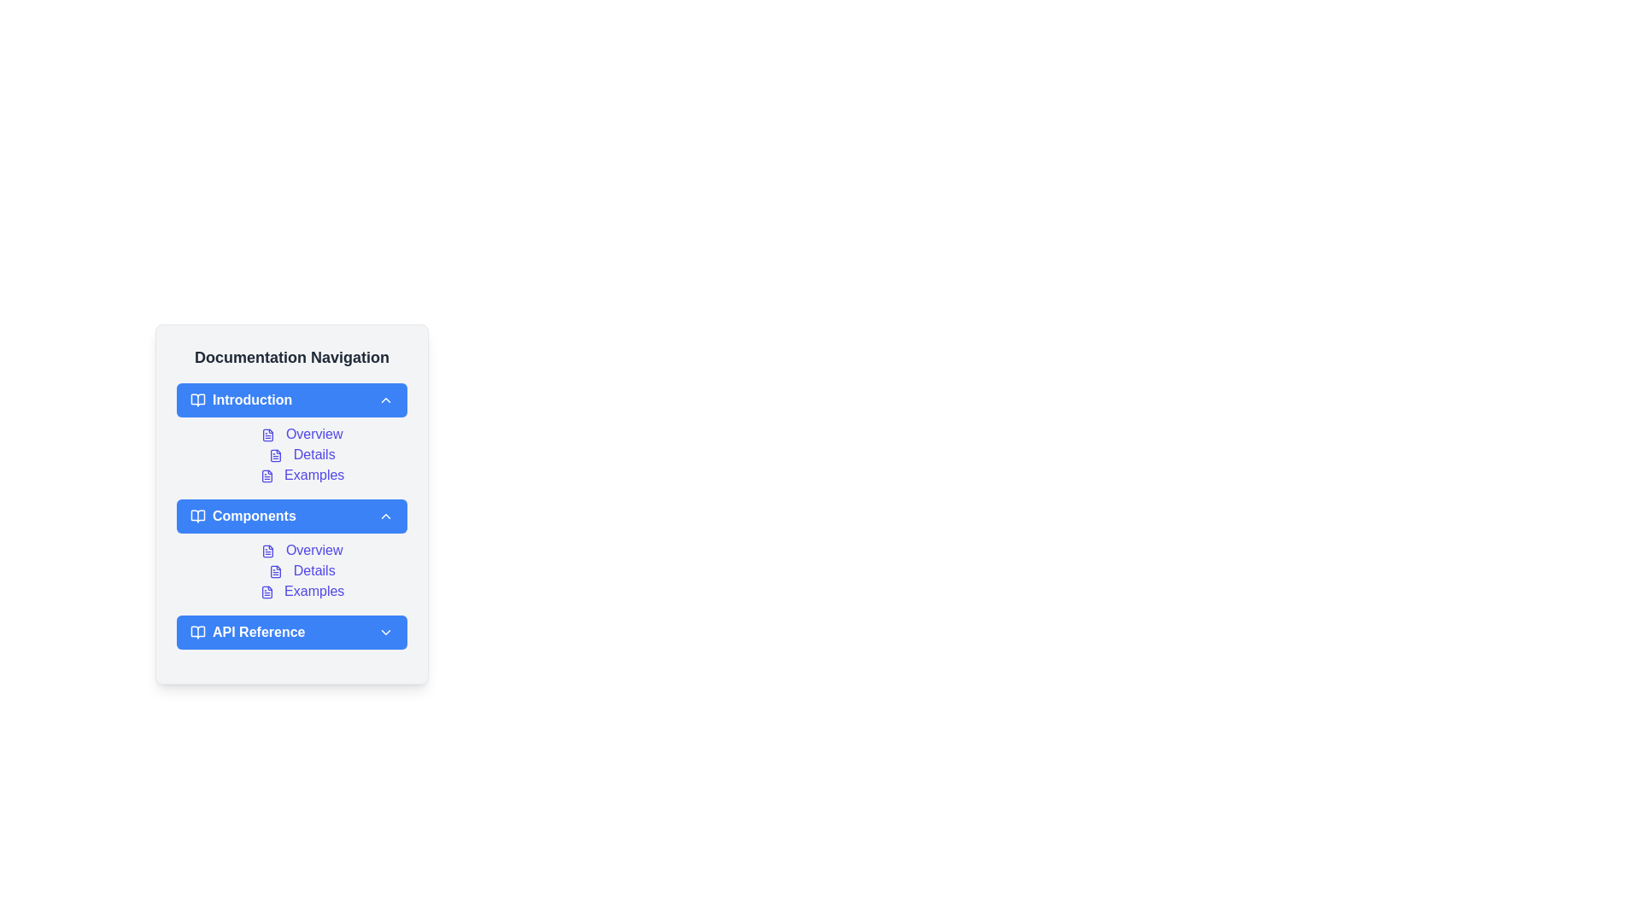 This screenshot has width=1640, height=922. Describe the element at coordinates (291, 632) in the screenshot. I see `the 'API Reference' collapsible section header in the Documentation Navigation panel` at that location.